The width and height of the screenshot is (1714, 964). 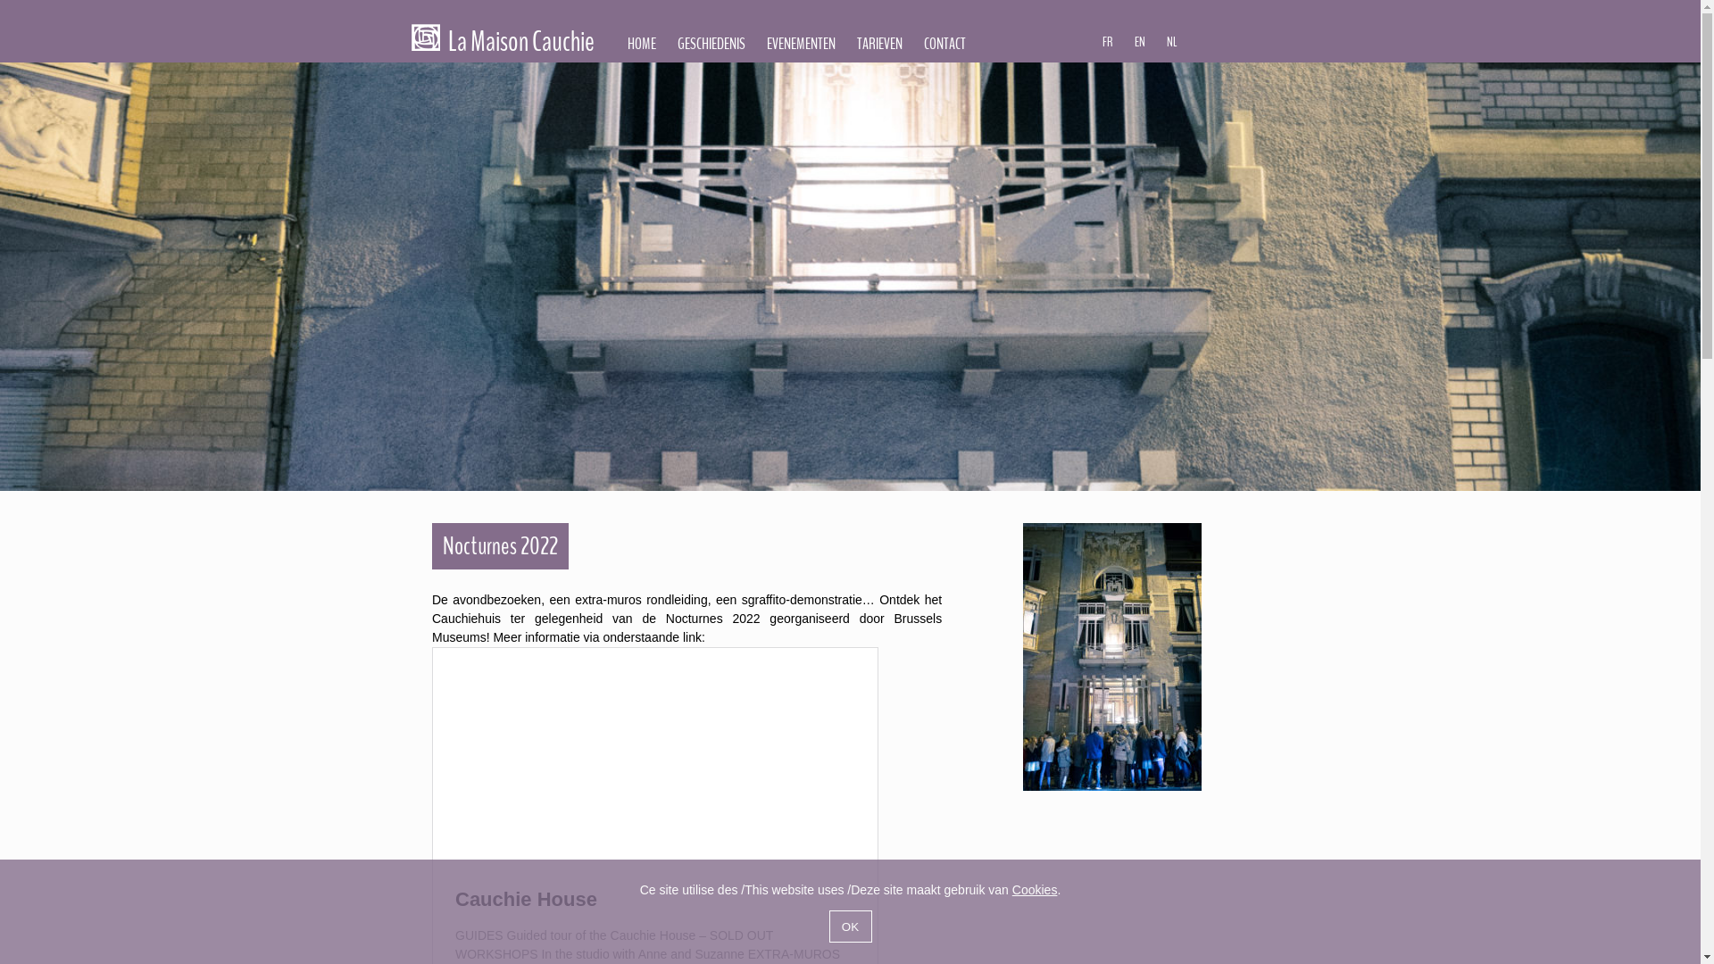 I want to click on 'FR', so click(x=1107, y=40).